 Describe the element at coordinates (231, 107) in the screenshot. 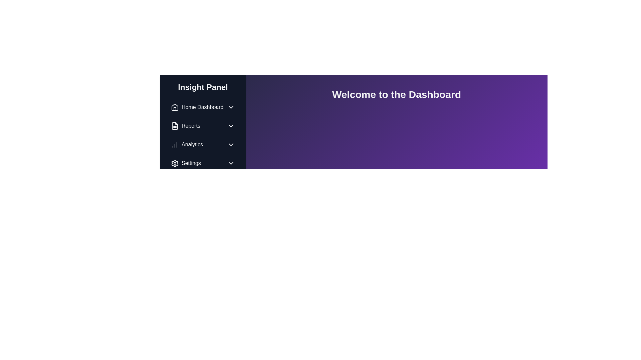

I see `the downward-pointing chevron icon` at that location.